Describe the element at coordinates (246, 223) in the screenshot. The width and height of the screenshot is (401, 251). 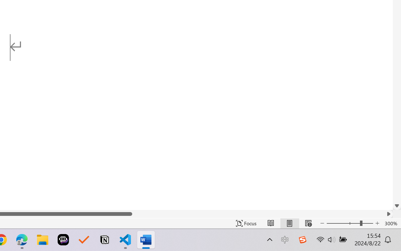
I see `'Focus '` at that location.